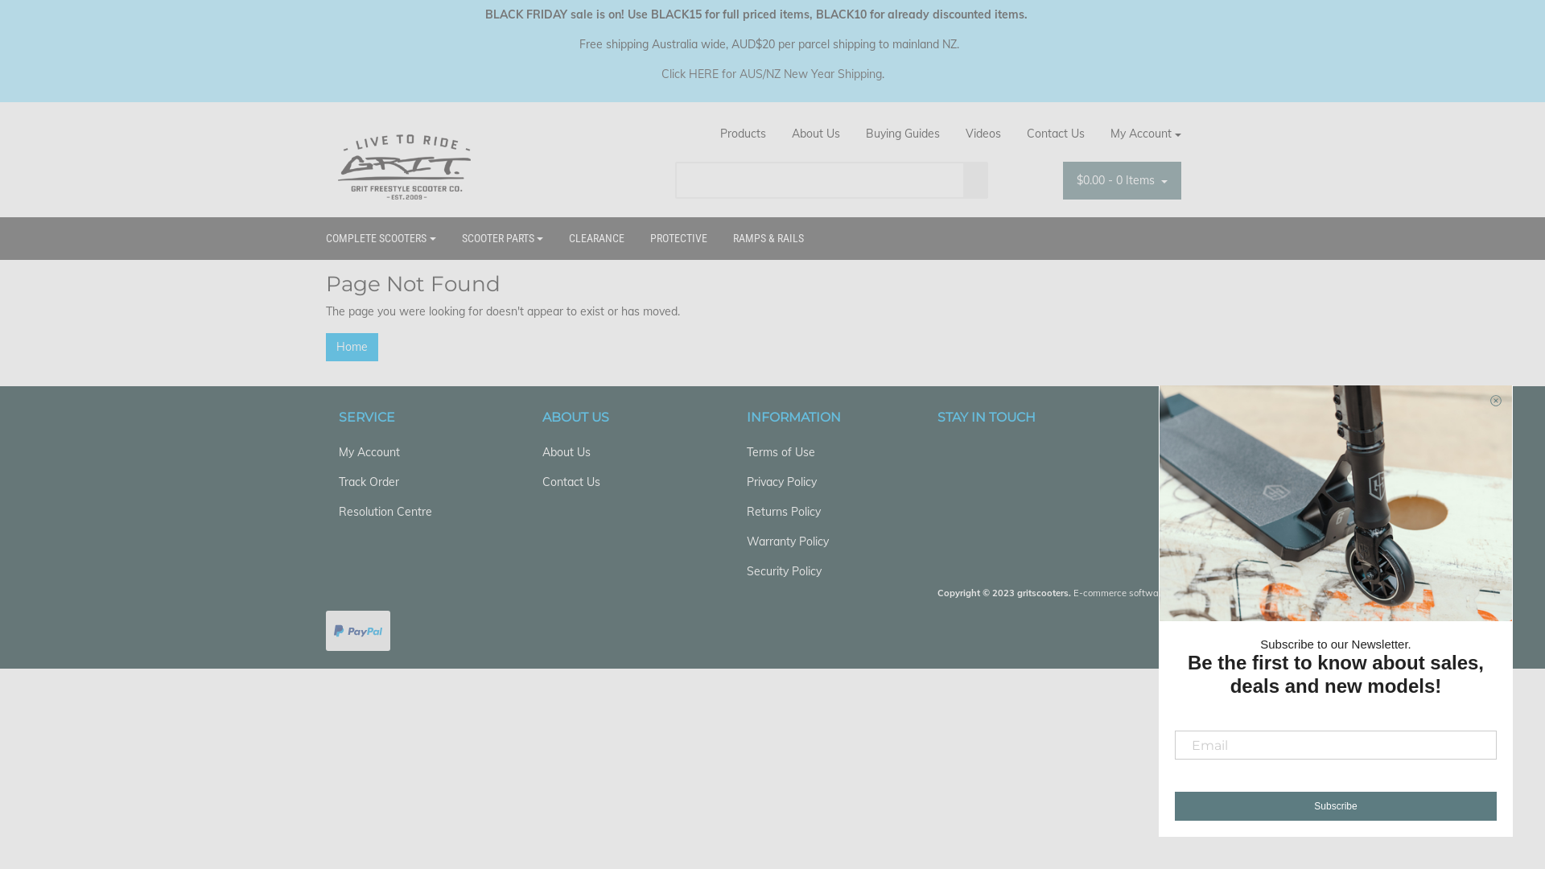  Describe the element at coordinates (823, 452) in the screenshot. I see `'Terms of Use'` at that location.